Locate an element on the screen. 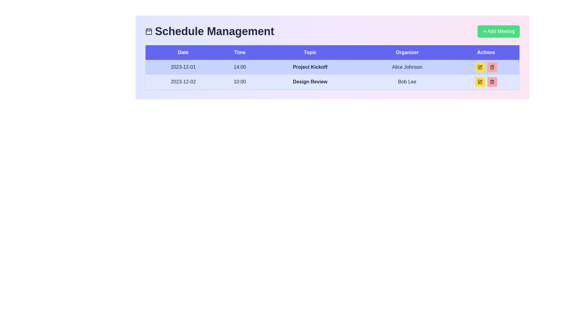 The image size is (587, 330). the Text display field showing '14:00' in the 'Time' column of the table for '2023-12-01' is located at coordinates (239, 67).